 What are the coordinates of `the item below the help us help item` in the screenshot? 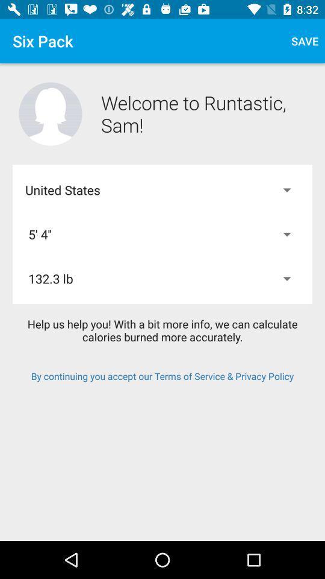 It's located at (162, 375).